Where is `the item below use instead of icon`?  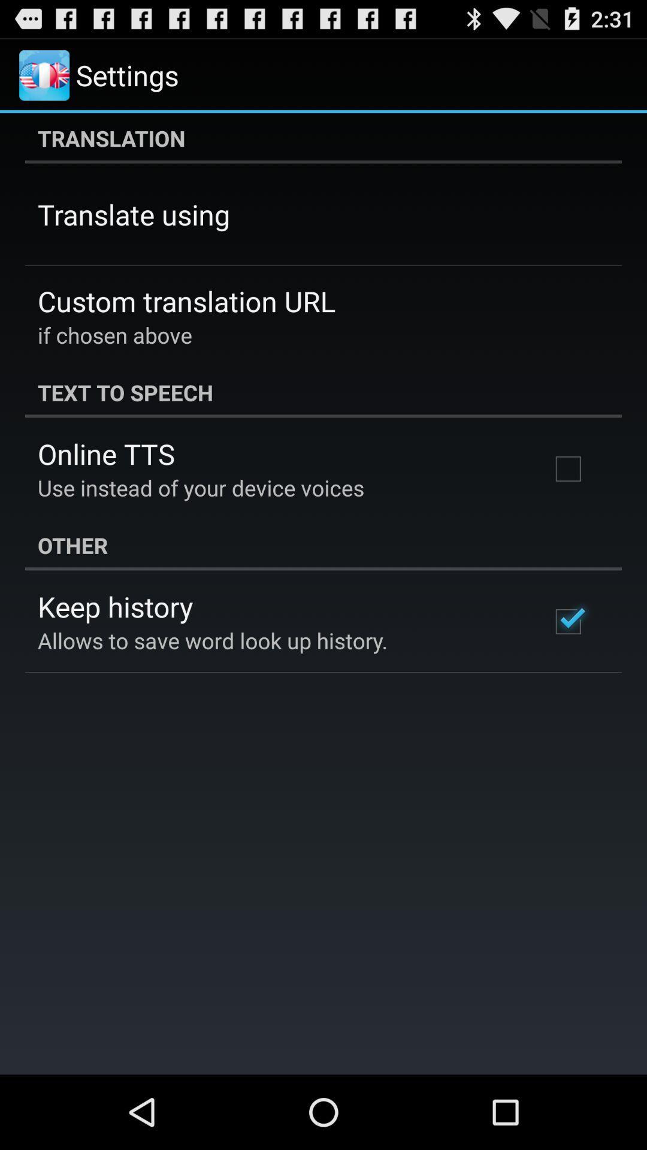 the item below use instead of icon is located at coordinates (323, 544).